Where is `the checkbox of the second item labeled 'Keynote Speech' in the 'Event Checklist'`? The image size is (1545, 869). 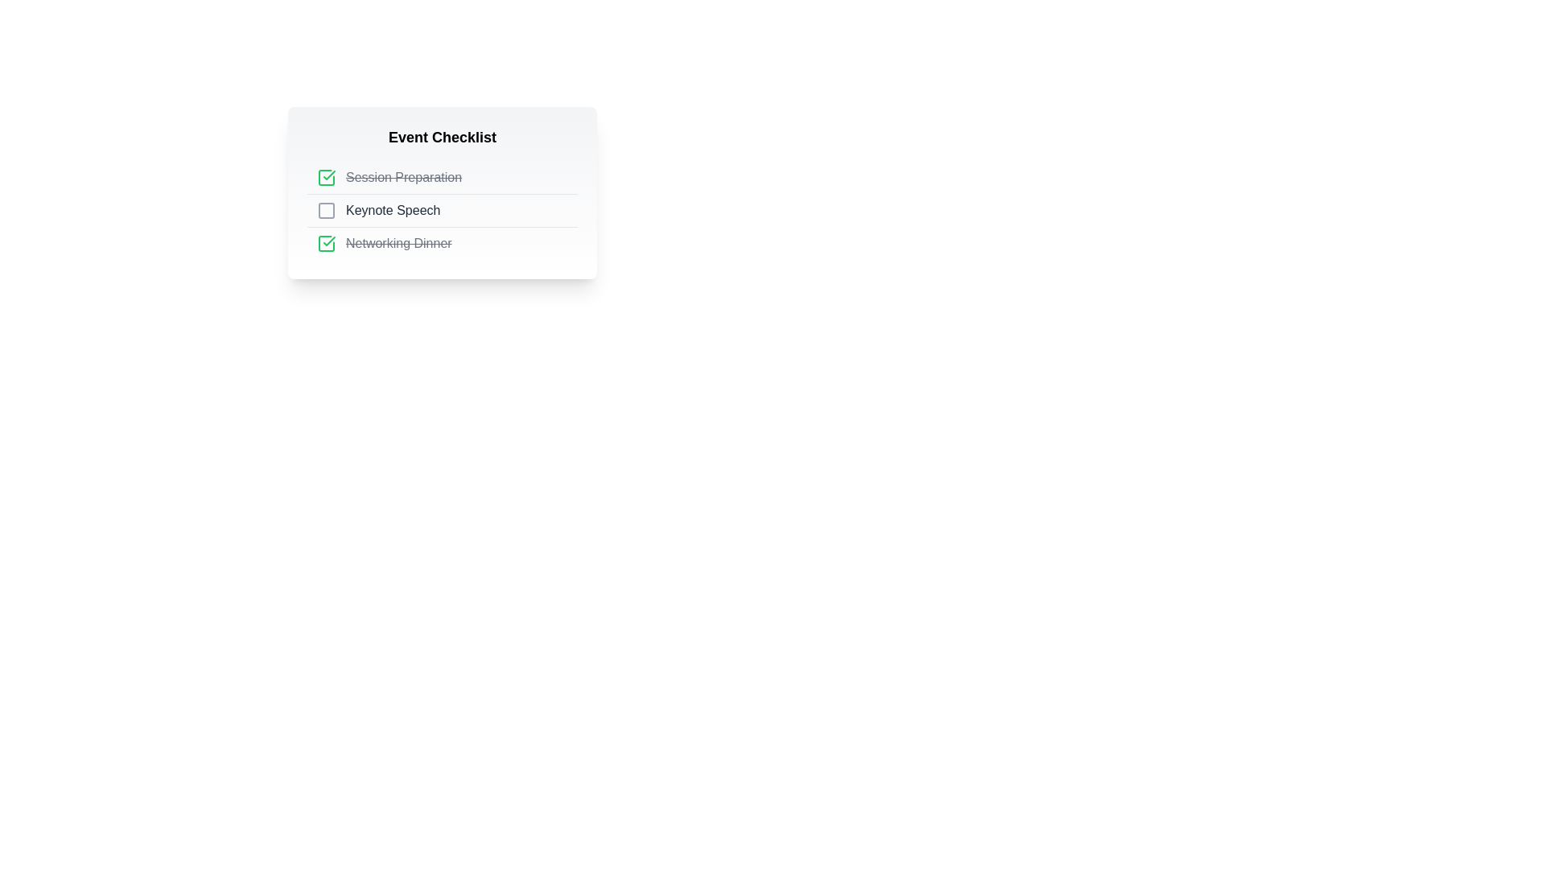
the checkbox of the second item labeled 'Keynote Speech' in the 'Event Checklist' is located at coordinates (443, 210).